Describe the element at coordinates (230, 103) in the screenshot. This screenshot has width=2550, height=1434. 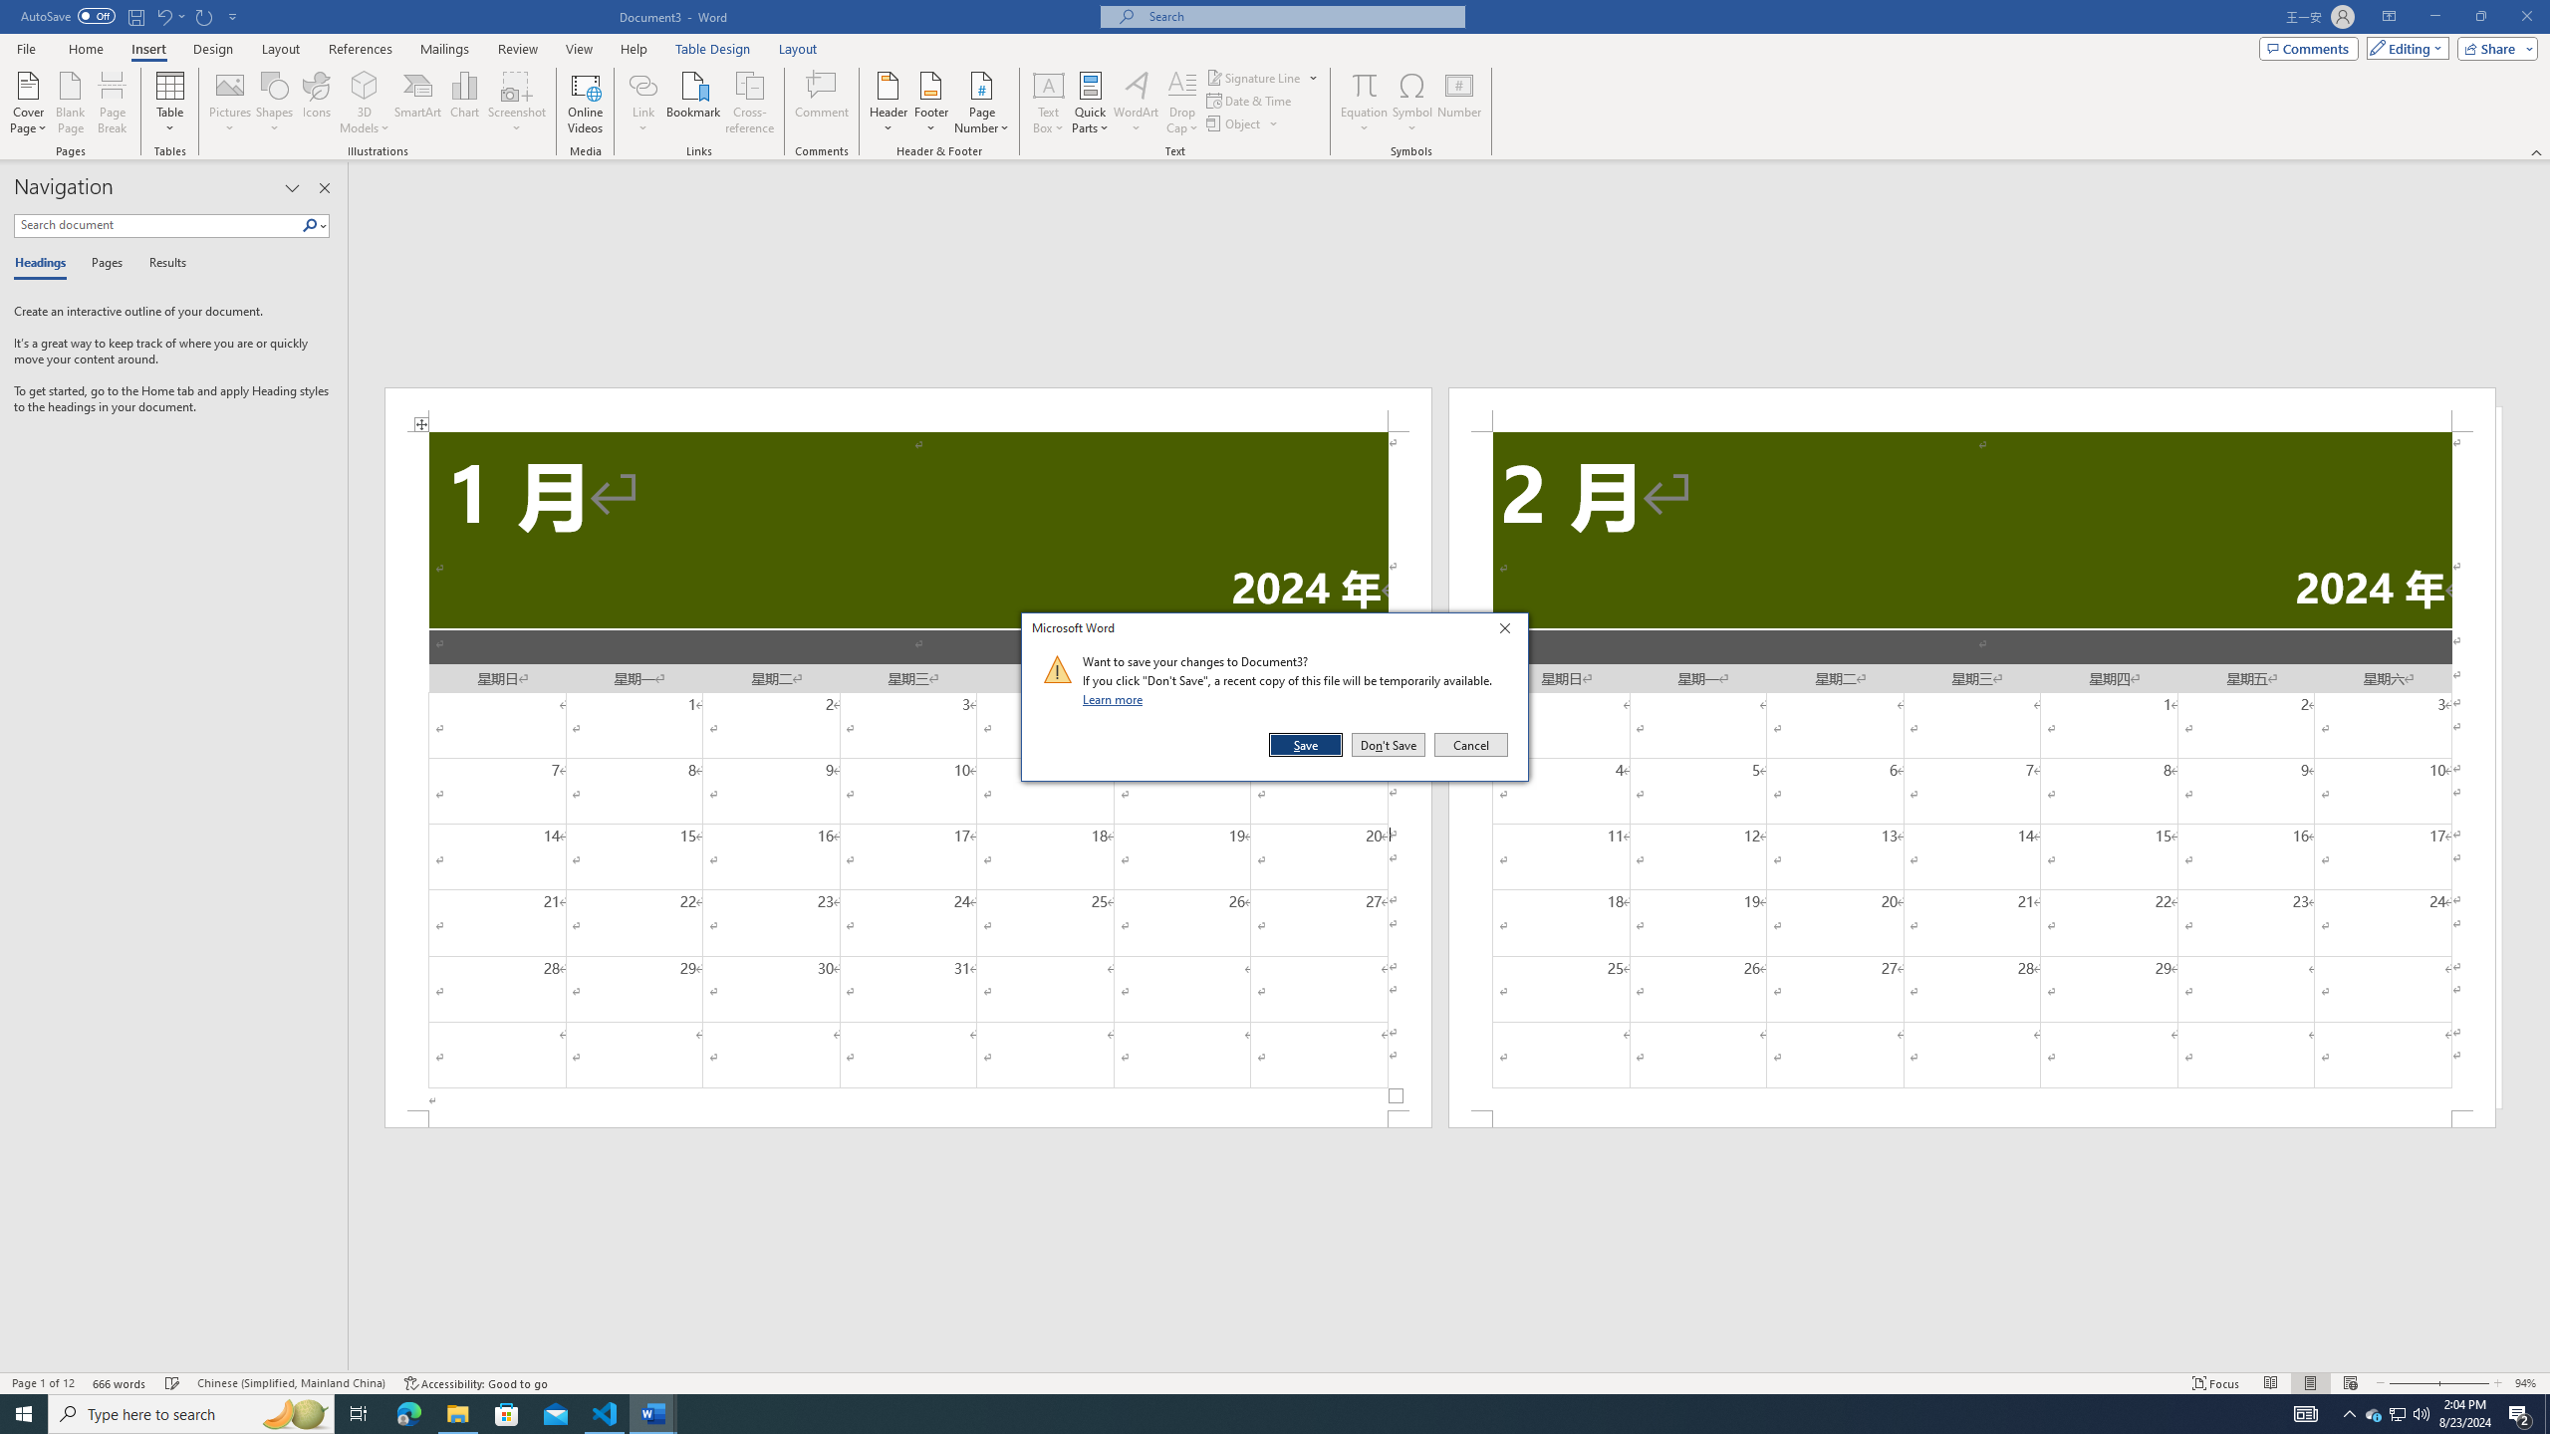
I see `'Pictures'` at that location.